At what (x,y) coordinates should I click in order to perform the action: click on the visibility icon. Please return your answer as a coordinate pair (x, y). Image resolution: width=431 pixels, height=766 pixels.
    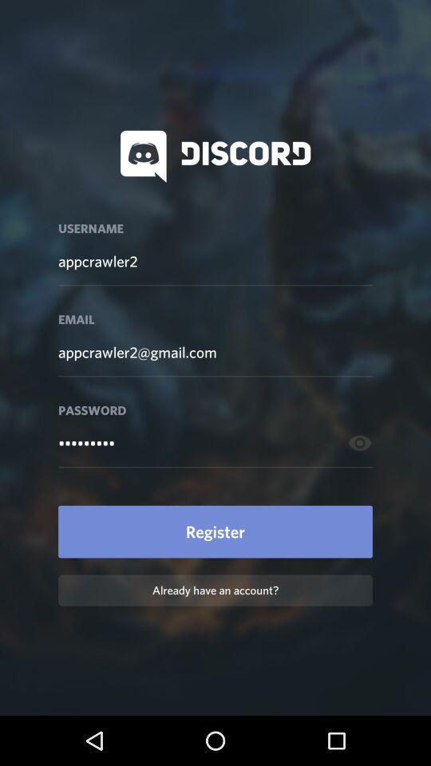
    Looking at the image, I should click on (360, 443).